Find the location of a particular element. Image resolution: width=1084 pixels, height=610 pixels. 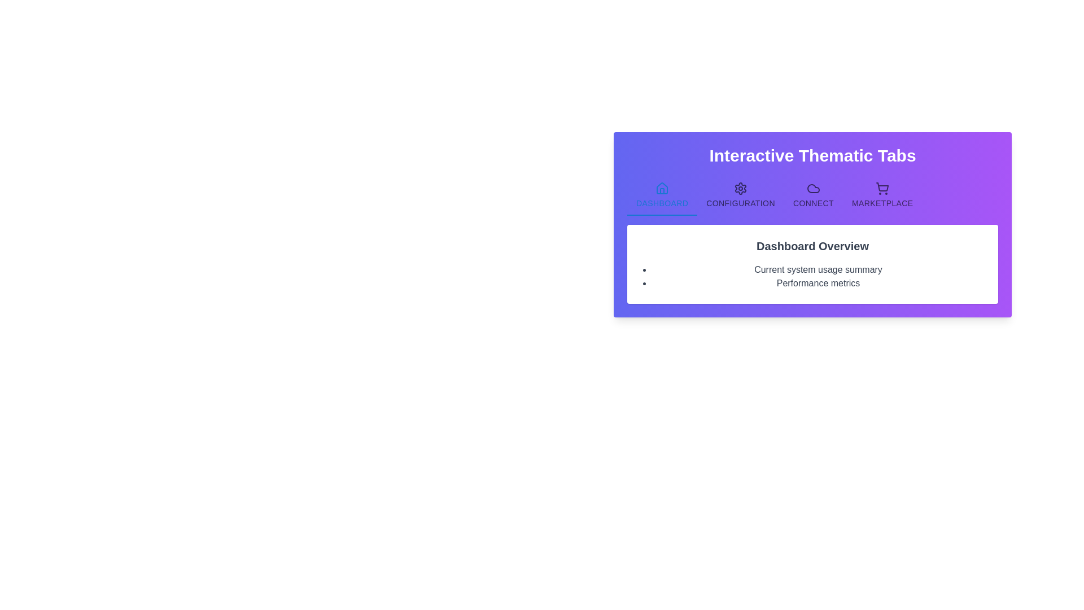

the 'Marketplace' tab icon, which is the fourth tab at the top section of the interface is located at coordinates (882, 188).